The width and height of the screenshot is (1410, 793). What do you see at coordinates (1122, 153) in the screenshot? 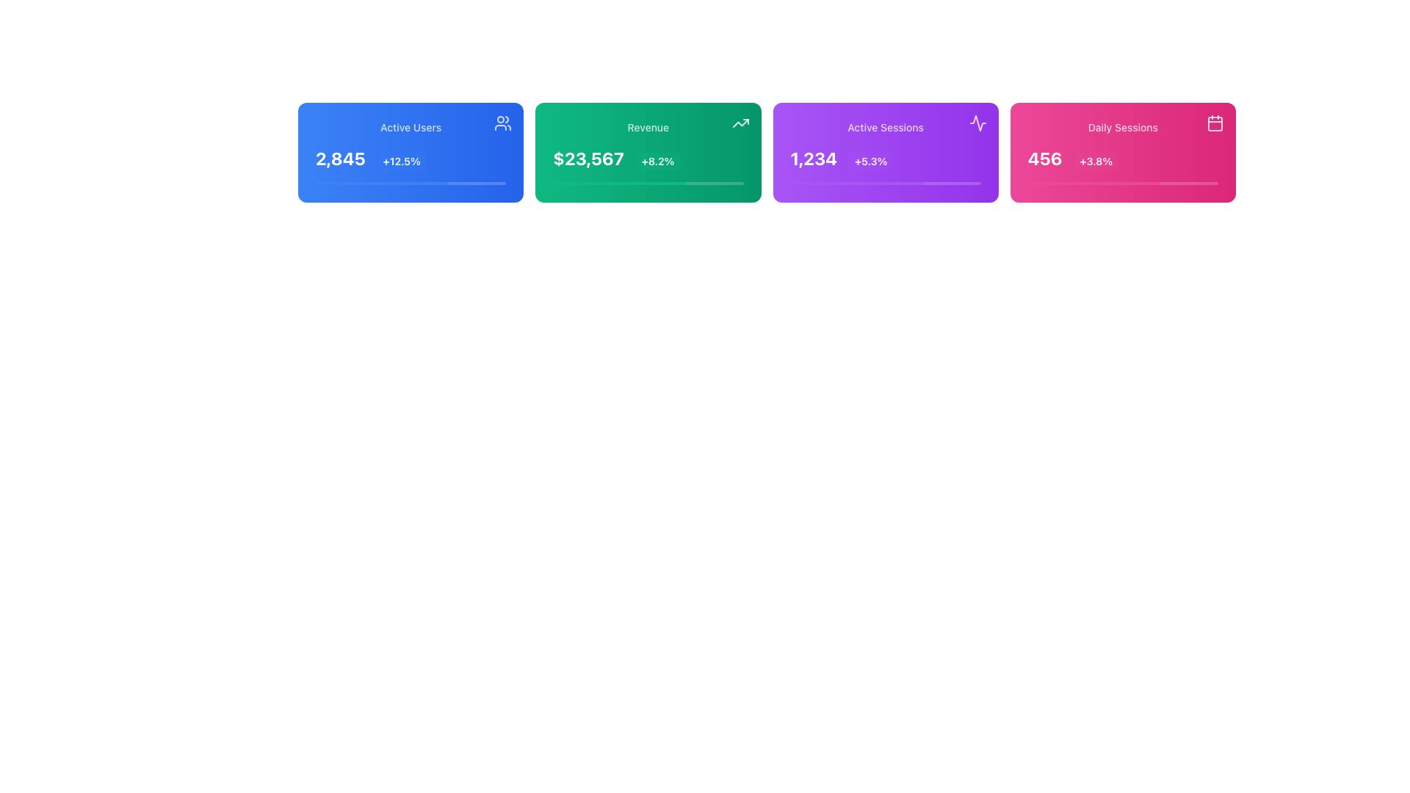
I see `the 'Daily Sessions' informational card located in the fourth column of the grid layout` at bounding box center [1122, 153].